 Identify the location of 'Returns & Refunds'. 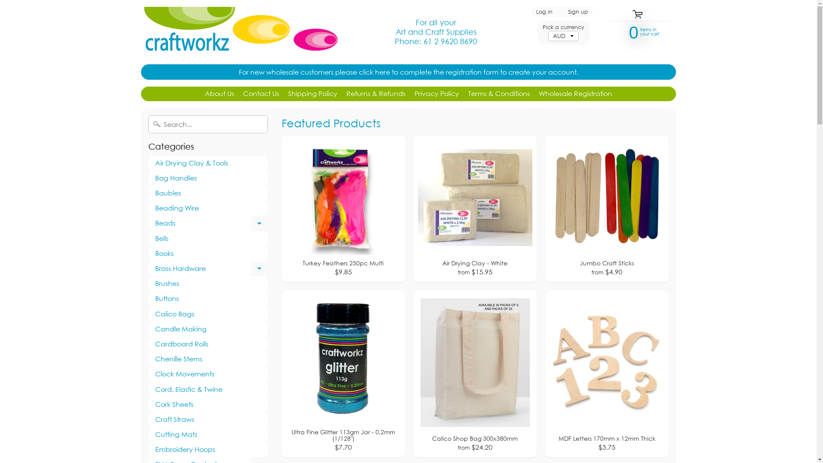
(376, 94).